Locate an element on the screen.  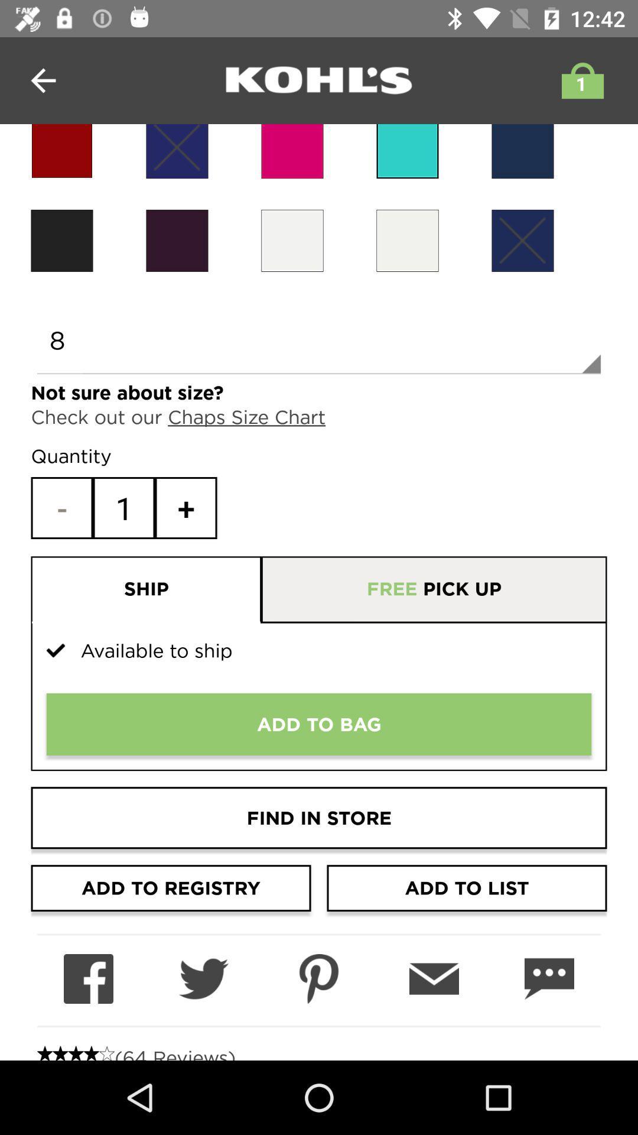
color orange is located at coordinates (292, 151).